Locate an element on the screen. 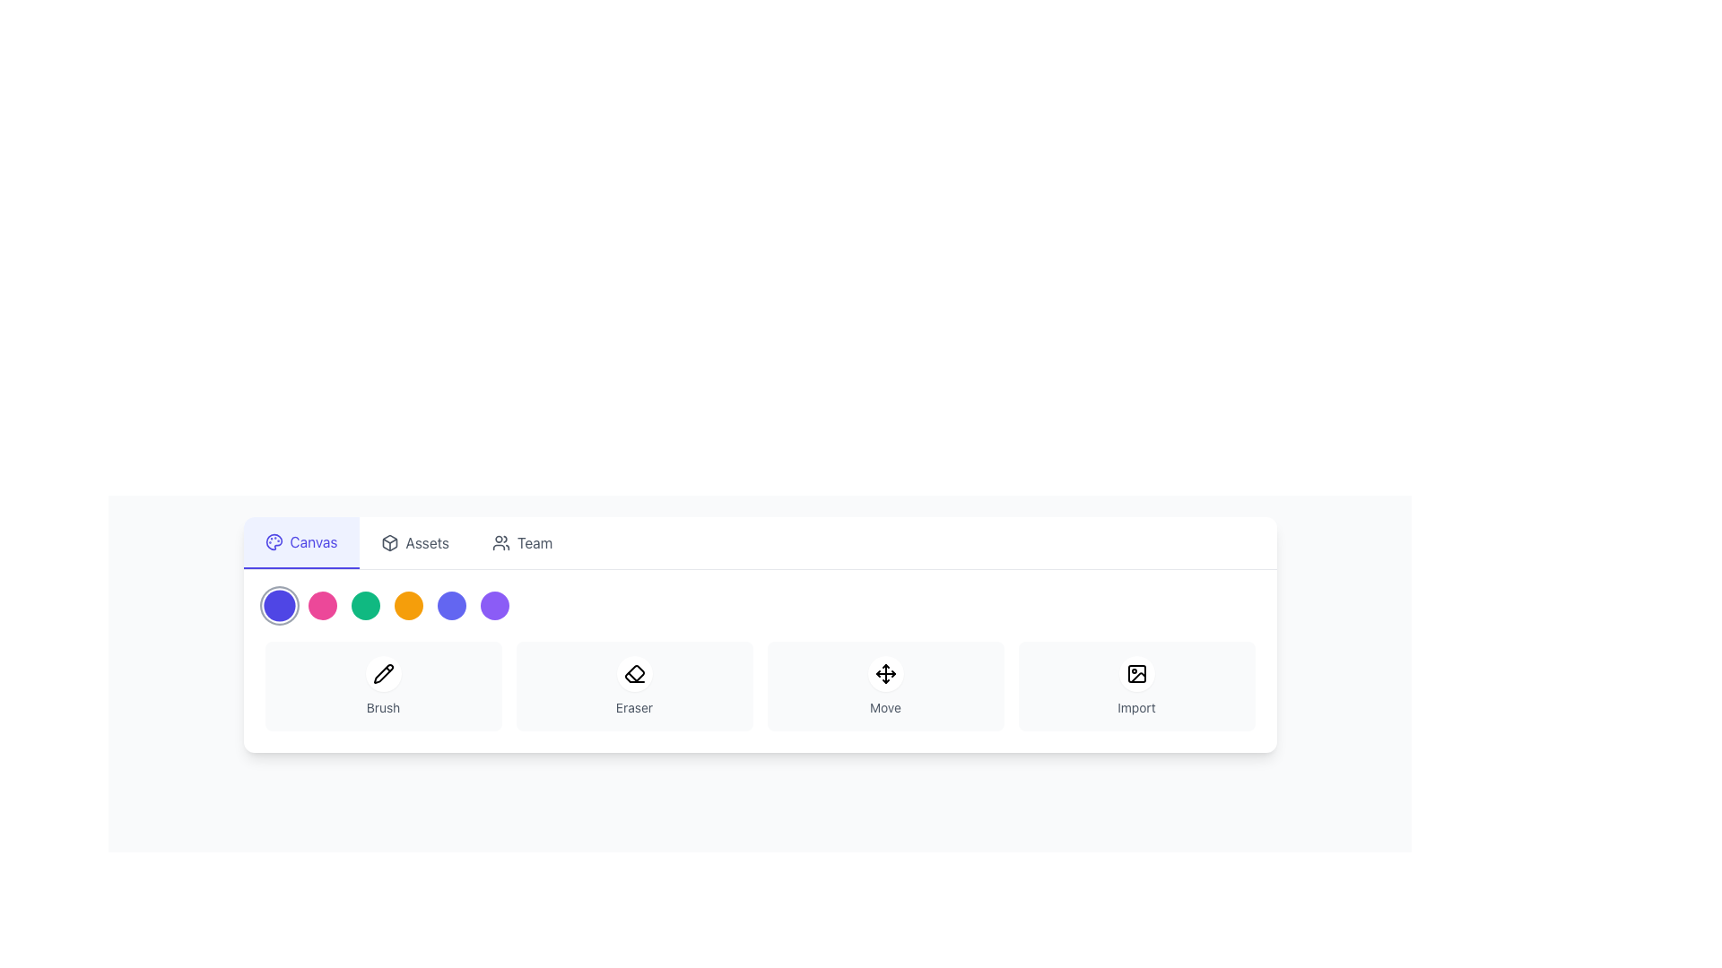 This screenshot has height=968, width=1722. static text label 'Brush' that is styled in small gray font, located below a pencil icon within a card-like structure is located at coordinates (382, 707).